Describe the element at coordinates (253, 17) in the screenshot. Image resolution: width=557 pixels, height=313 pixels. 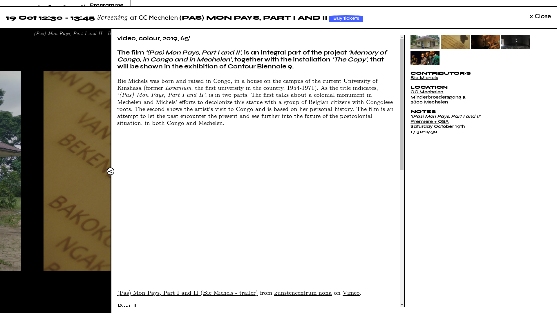
I see `'(PAS) MON PAYS, PART I AND II'` at that location.